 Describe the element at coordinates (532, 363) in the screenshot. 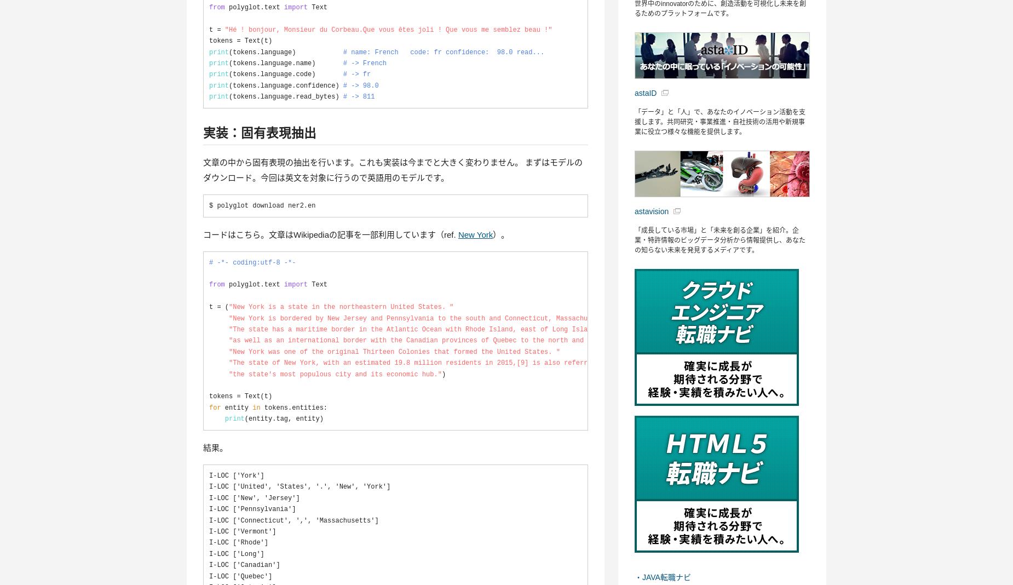

I see `'"The state of New York, with an estimated 19.8 million residents in 2015,[9] is also referred to as New York State to distinguish it from New York City, "'` at that location.